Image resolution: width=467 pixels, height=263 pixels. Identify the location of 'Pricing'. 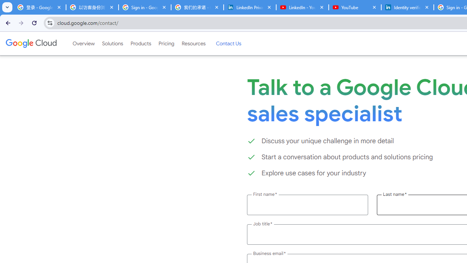
(166, 43).